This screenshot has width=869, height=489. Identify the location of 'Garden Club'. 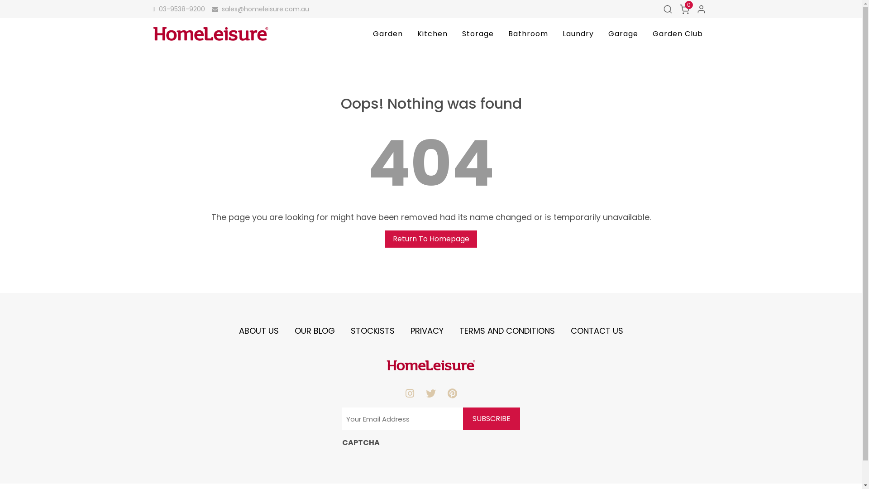
(678, 33).